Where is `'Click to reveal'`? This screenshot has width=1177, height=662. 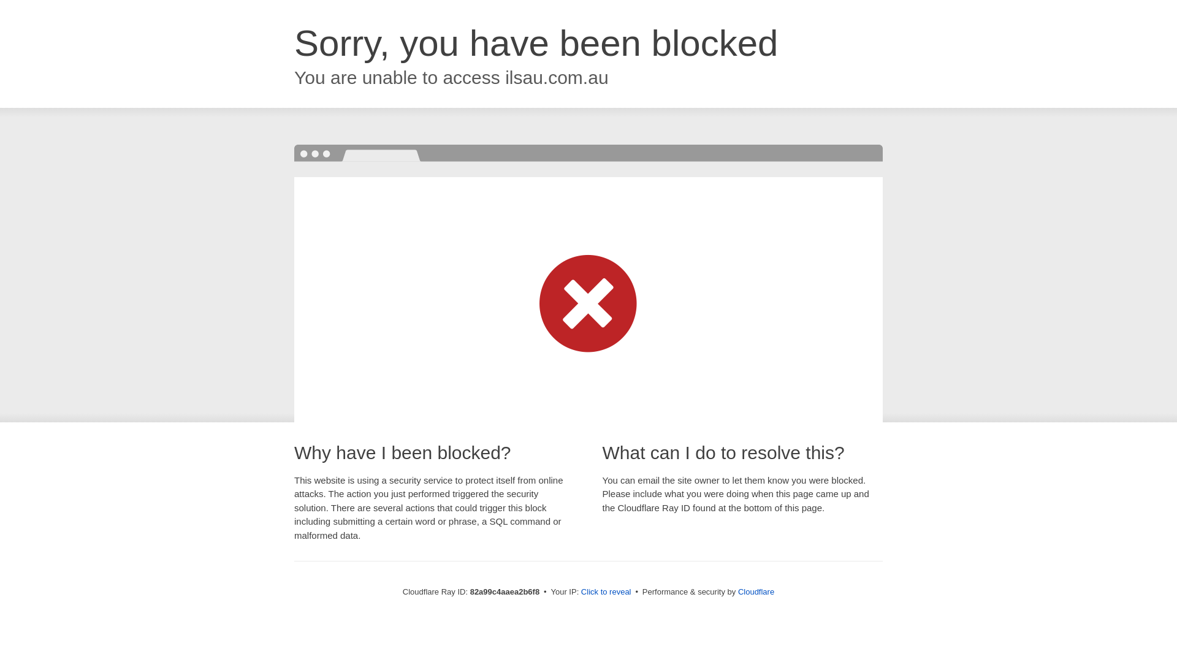
'Click to reveal' is located at coordinates (581, 591).